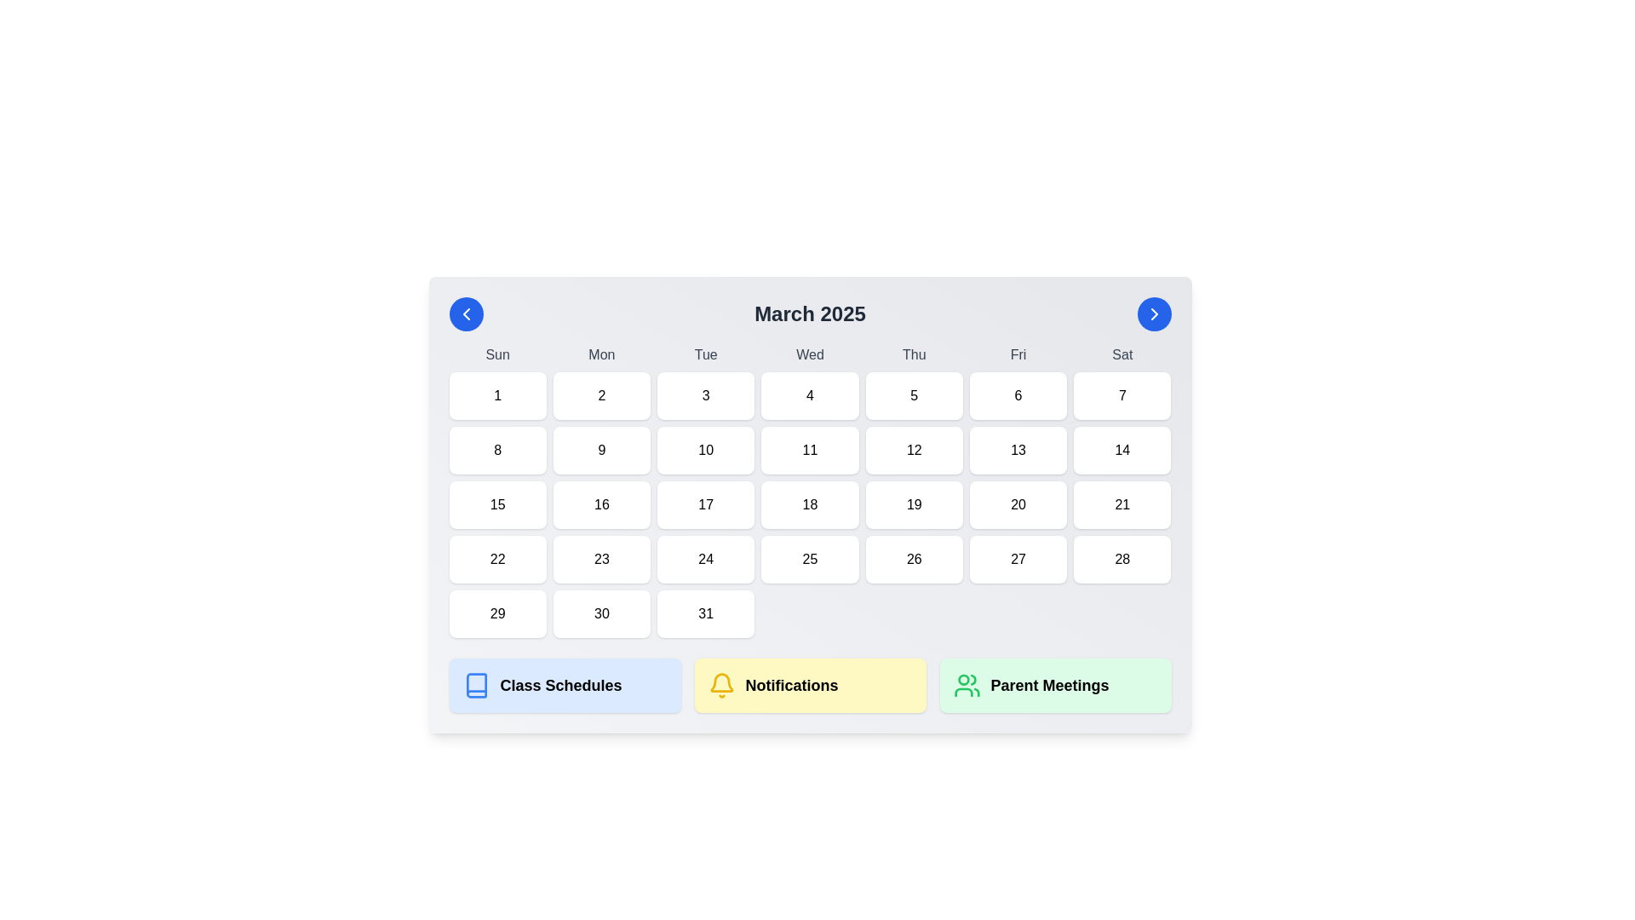 The width and height of the screenshot is (1635, 920). Describe the element at coordinates (1122, 504) in the screenshot. I see `the calendar date cell representing the 21st day, located in the sixth row and seventh column of the calendar layout` at that location.